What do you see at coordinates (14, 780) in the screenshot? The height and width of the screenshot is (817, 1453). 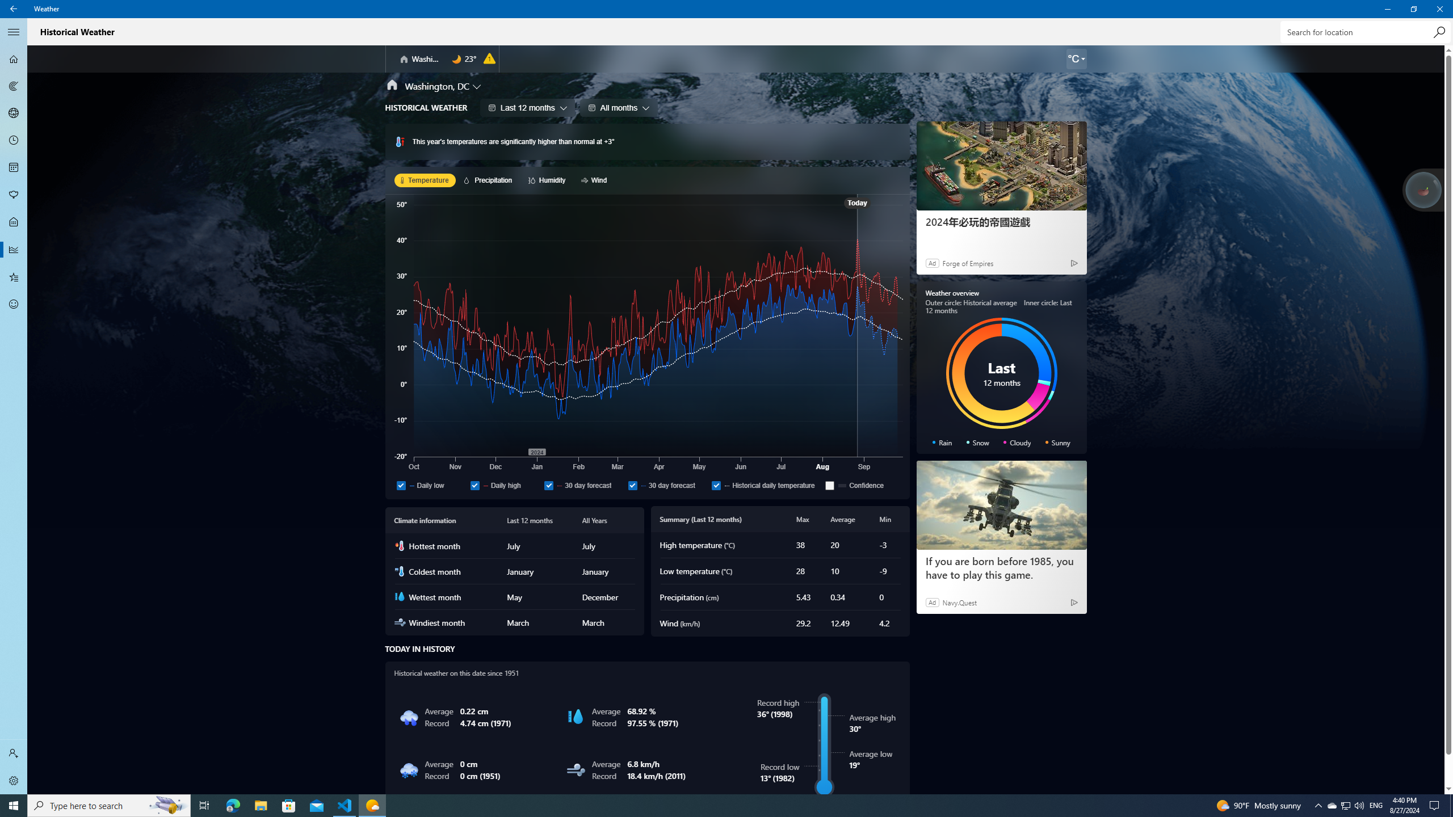 I see `'Settings'` at bounding box center [14, 780].